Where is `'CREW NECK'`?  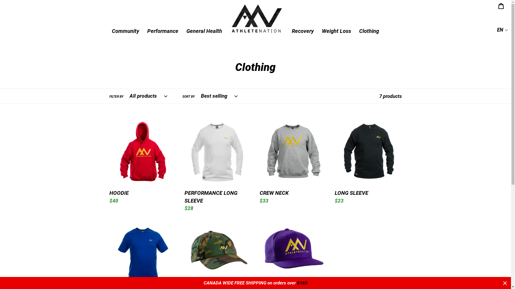 'CREW NECK' is located at coordinates (293, 161).